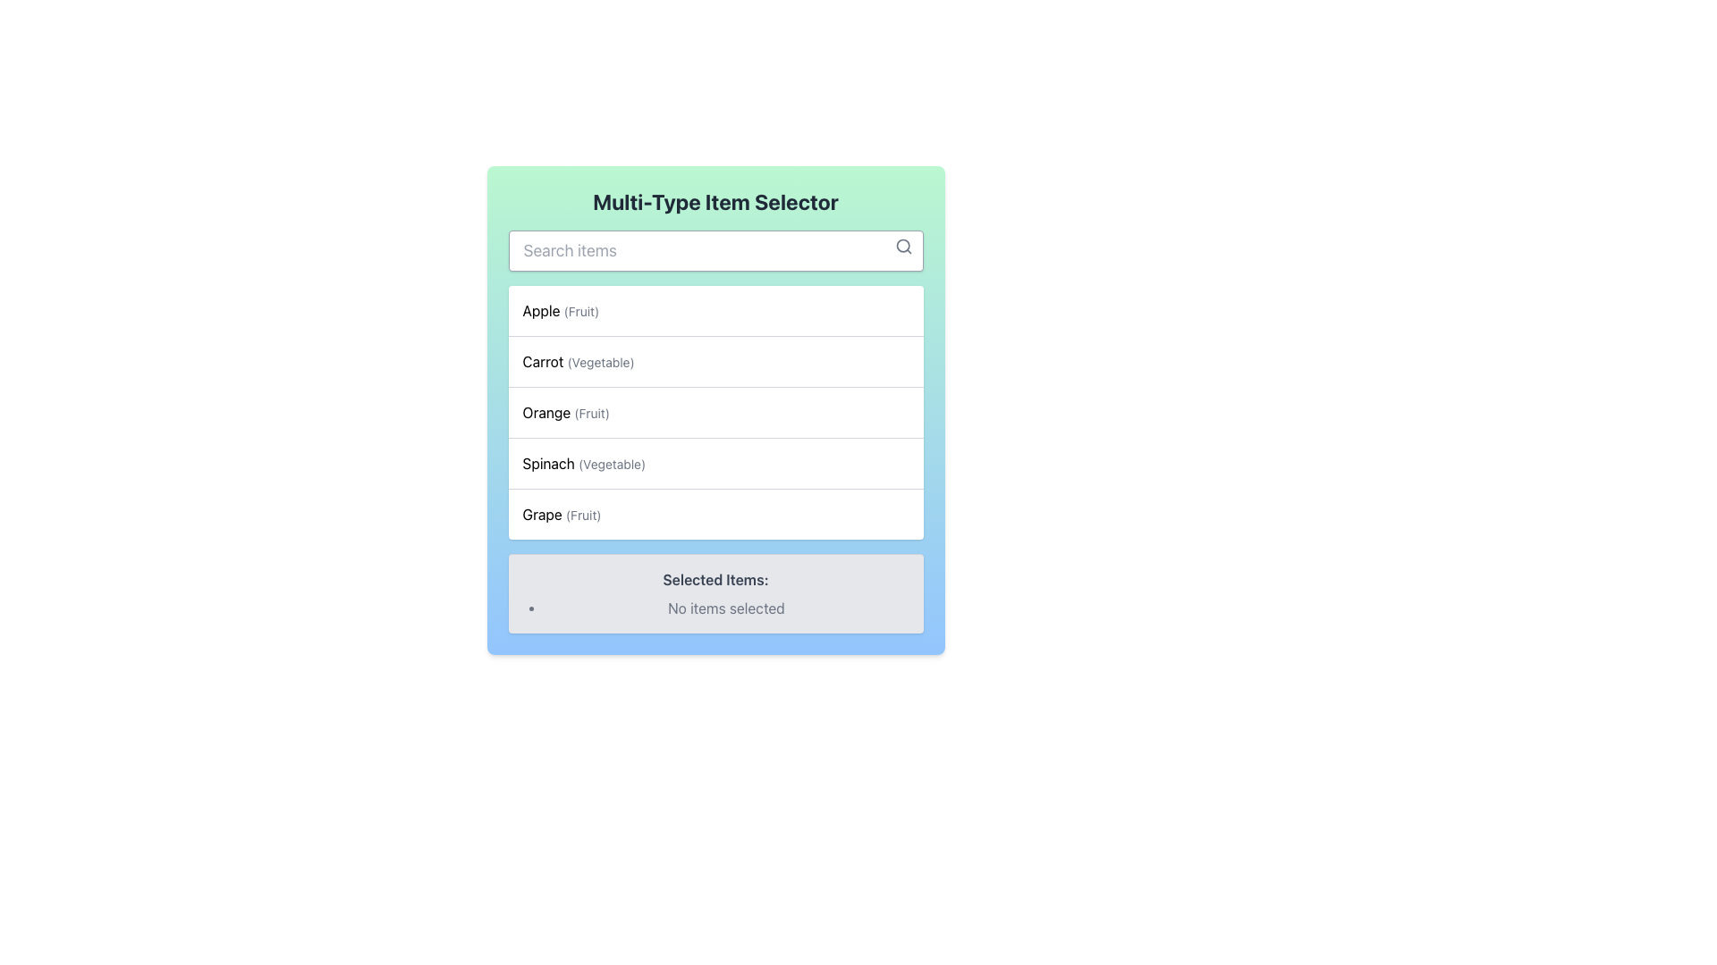  What do you see at coordinates (715, 514) in the screenshot?
I see `the fifth selectable item in the multi-selection list` at bounding box center [715, 514].